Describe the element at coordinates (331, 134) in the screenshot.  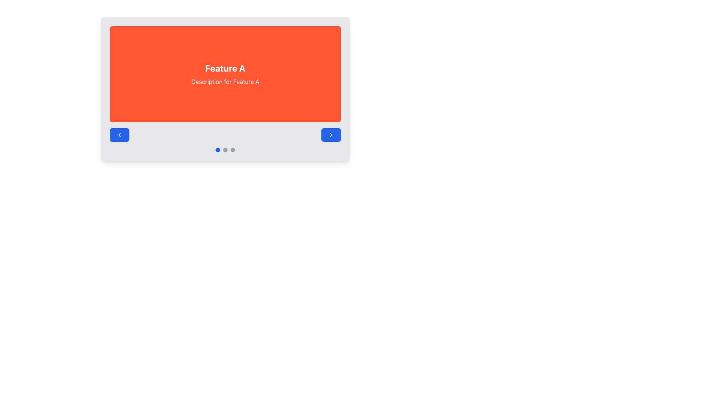
I see `the 'Next' button located at the far-right end of the carousel` at that location.